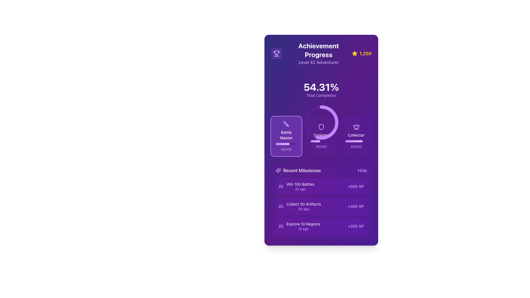  Describe the element at coordinates (299, 226) in the screenshot. I see `the textual component displaying the message 'Explore 10 Regions' alongside the game controller icon within the 'Recent Milestones' card, specifically the third item in the milestone list` at that location.